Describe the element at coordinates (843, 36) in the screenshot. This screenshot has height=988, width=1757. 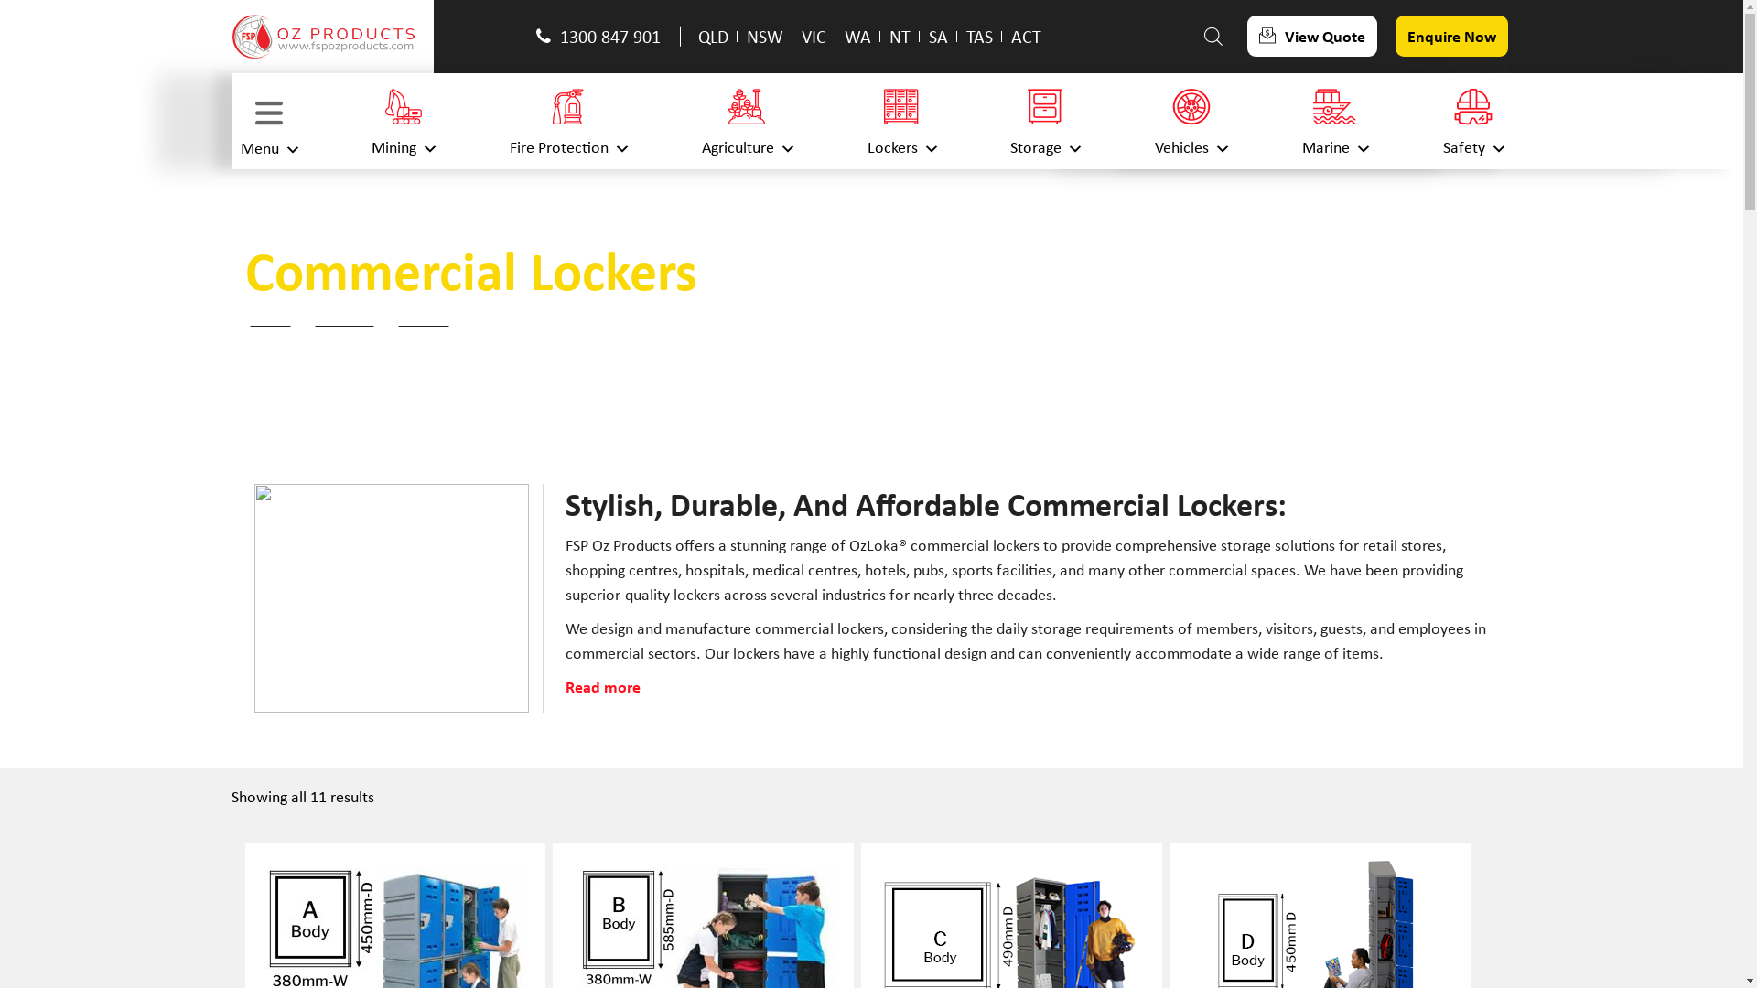
I see `'WA'` at that location.